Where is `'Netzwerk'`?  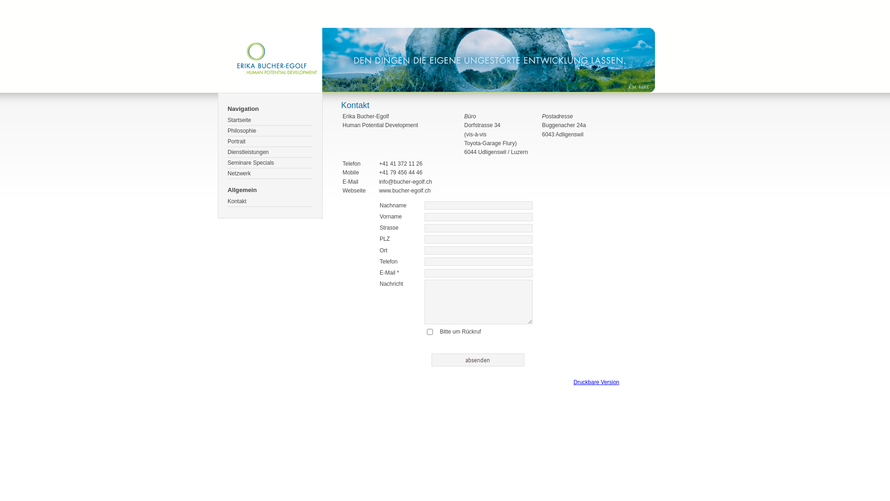 'Netzwerk' is located at coordinates (269, 173).